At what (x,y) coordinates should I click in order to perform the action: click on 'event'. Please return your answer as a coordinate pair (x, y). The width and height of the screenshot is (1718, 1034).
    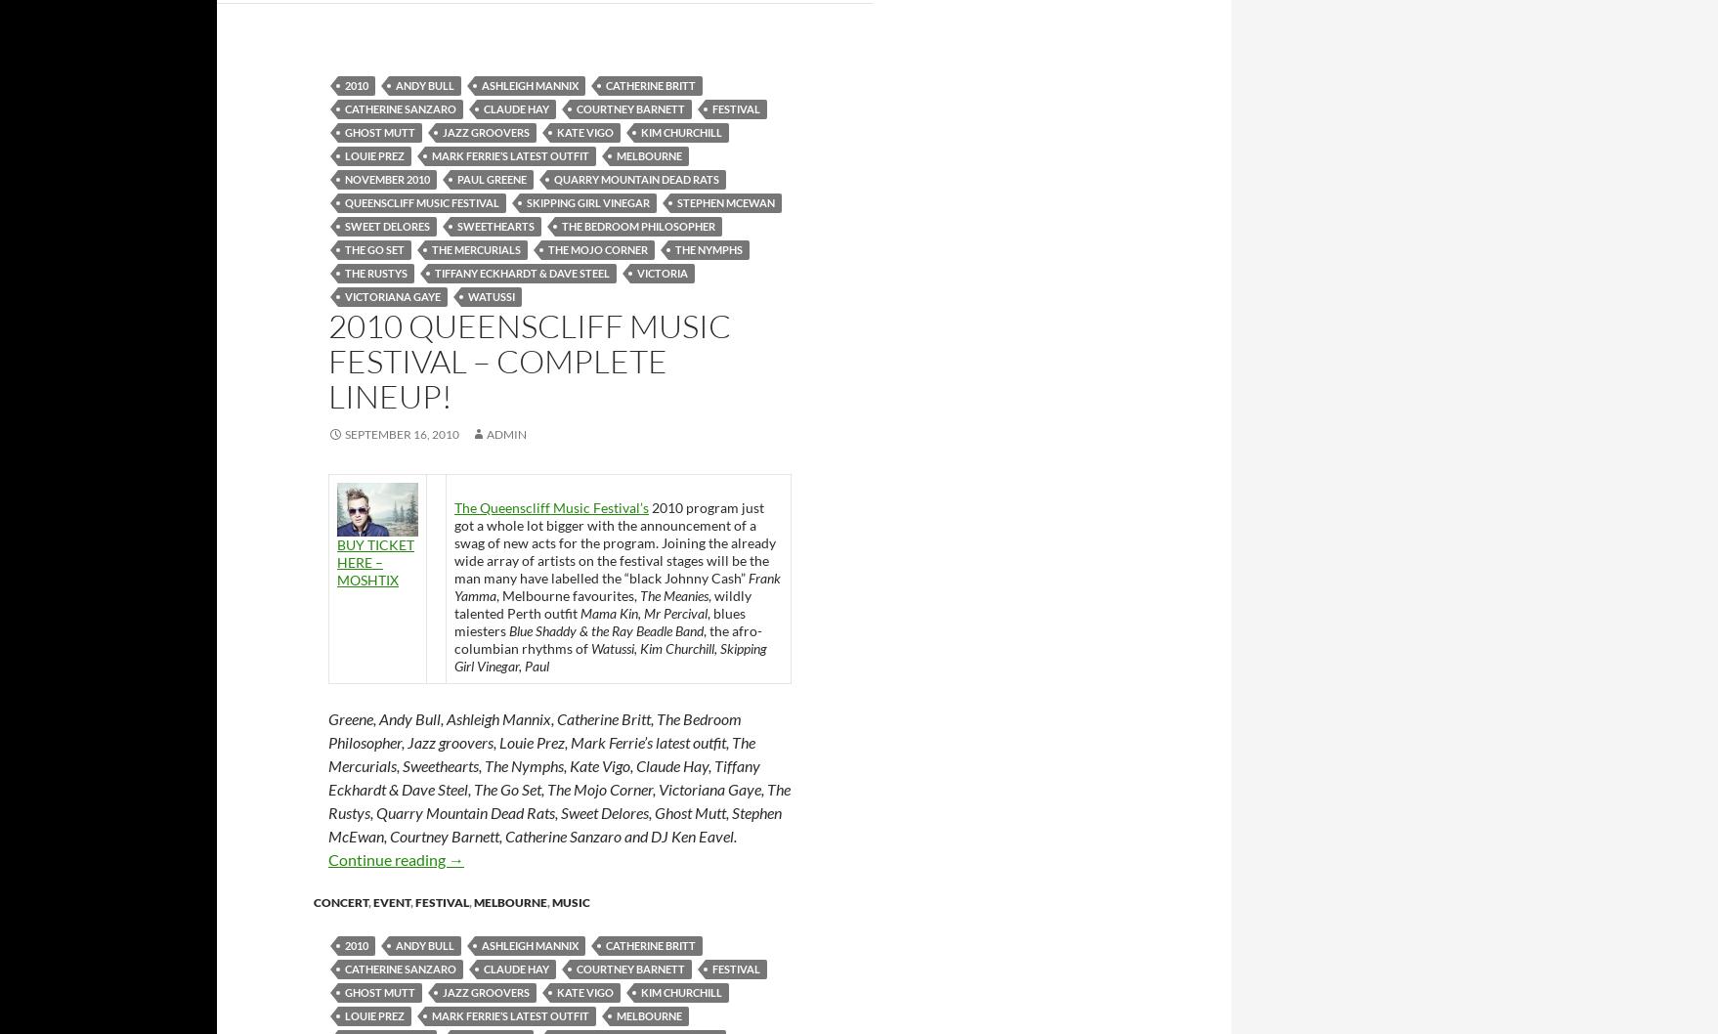
    Looking at the image, I should click on (391, 901).